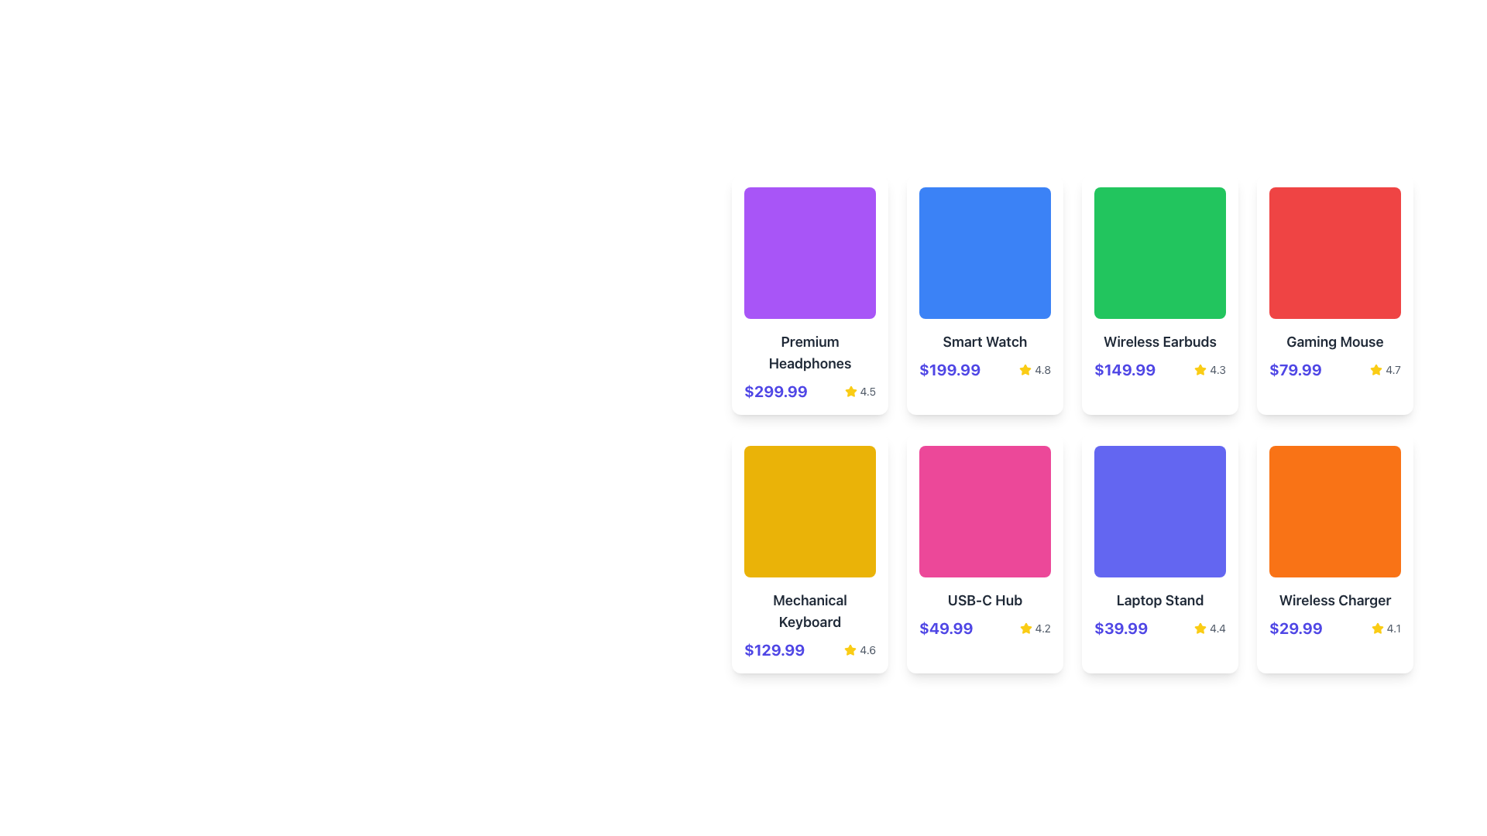 The width and height of the screenshot is (1487, 836). I want to click on the star icon representing the rating for the 'Mechanical Keyboard' product located in the bottom section of its product card, to the right of the price text and adjacent to the rating label, so click(850, 649).